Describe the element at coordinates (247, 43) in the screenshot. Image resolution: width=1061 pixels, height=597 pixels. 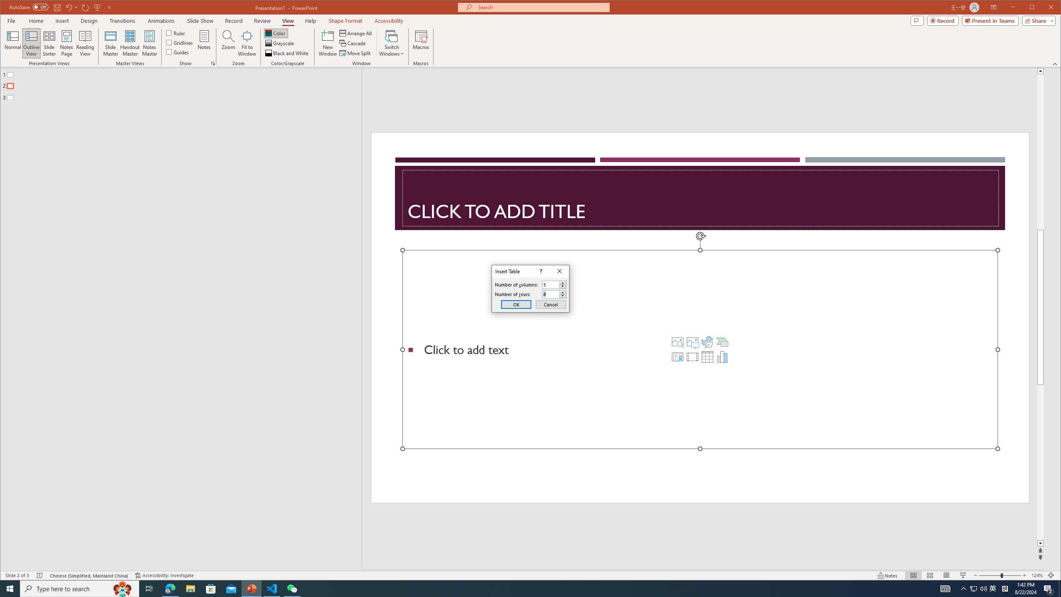
I see `'Fit to Window'` at that location.